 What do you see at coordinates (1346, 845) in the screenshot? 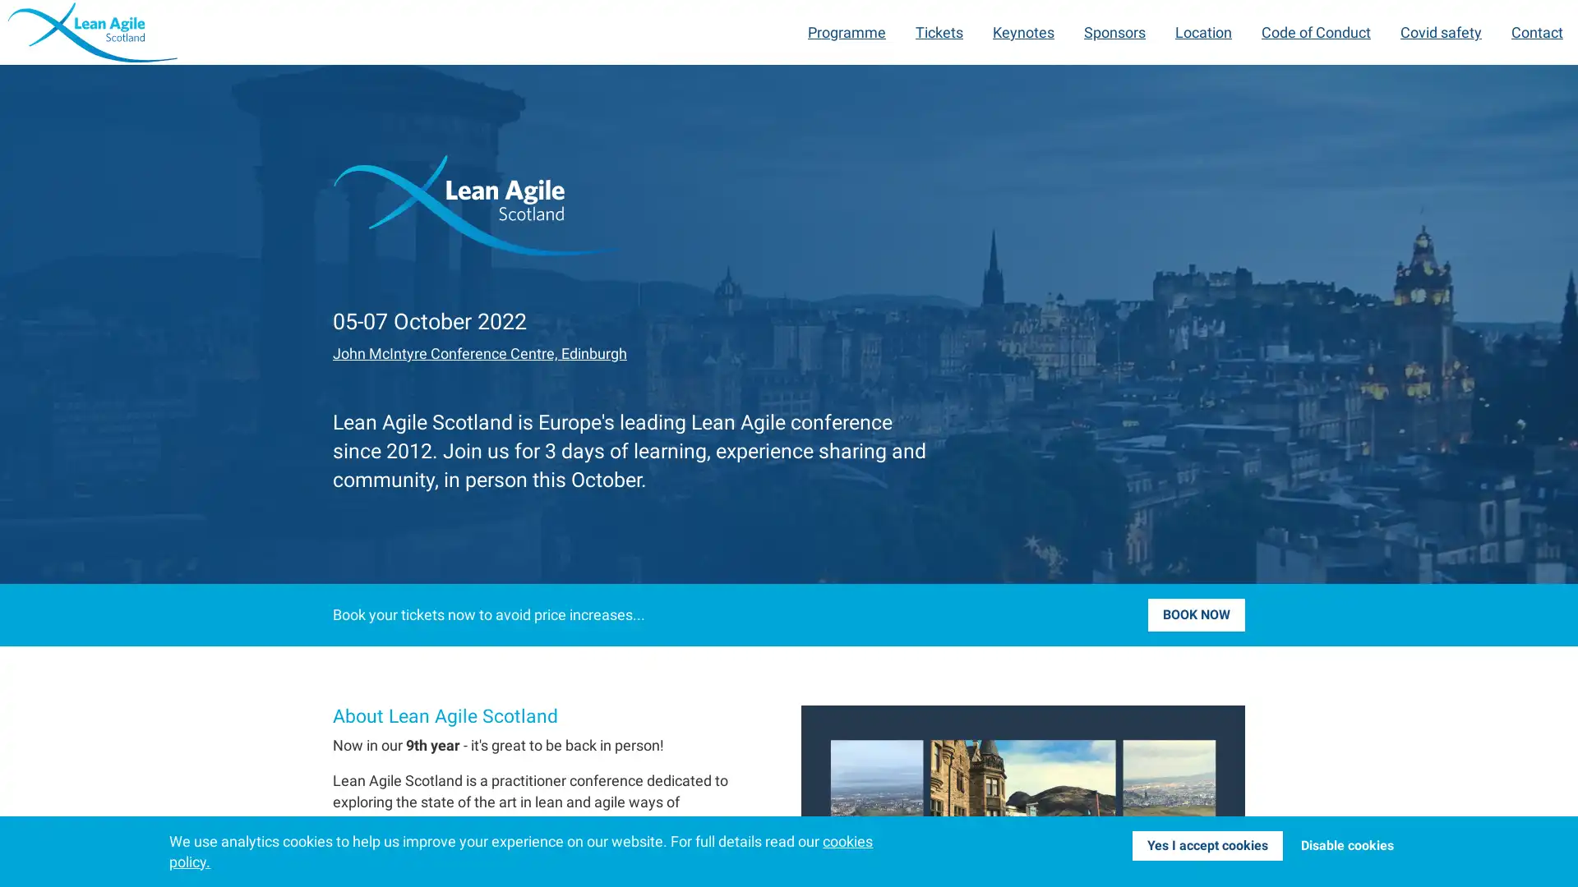
I see `Disable cookies` at bounding box center [1346, 845].